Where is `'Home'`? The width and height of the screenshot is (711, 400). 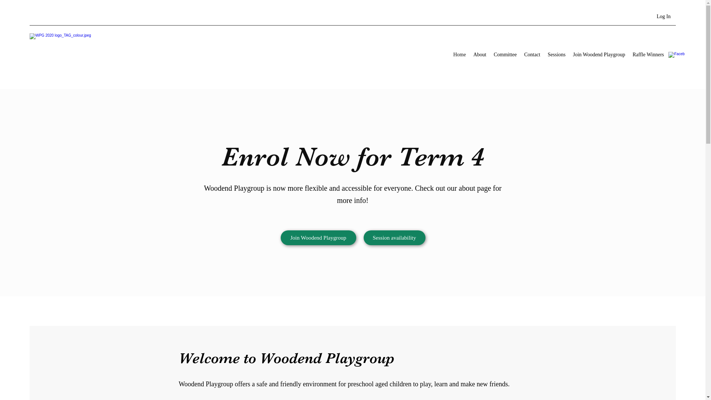
'Home' is located at coordinates (459, 55).